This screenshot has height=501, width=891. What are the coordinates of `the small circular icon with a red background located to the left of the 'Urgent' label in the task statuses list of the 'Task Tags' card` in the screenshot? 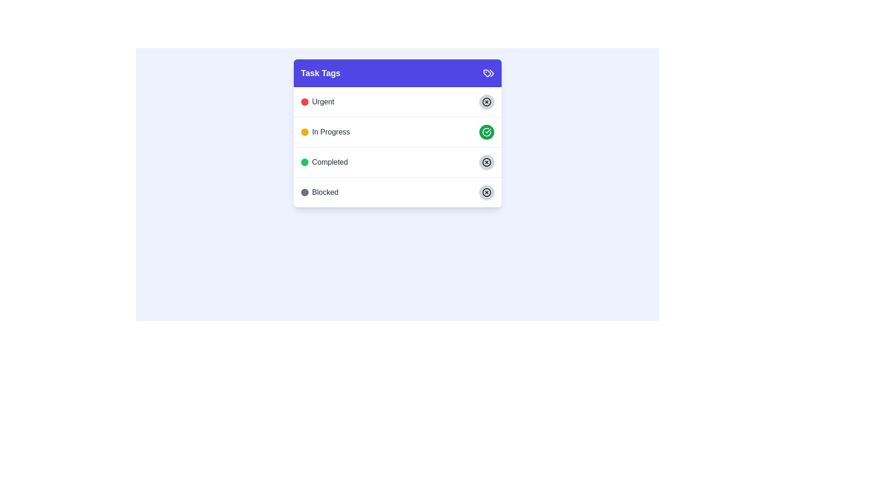 It's located at (304, 102).